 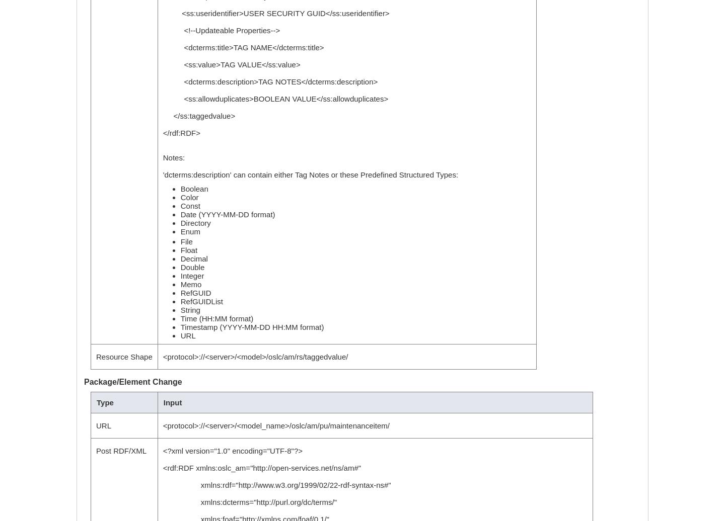 What do you see at coordinates (188, 197) in the screenshot?
I see `'Color'` at bounding box center [188, 197].